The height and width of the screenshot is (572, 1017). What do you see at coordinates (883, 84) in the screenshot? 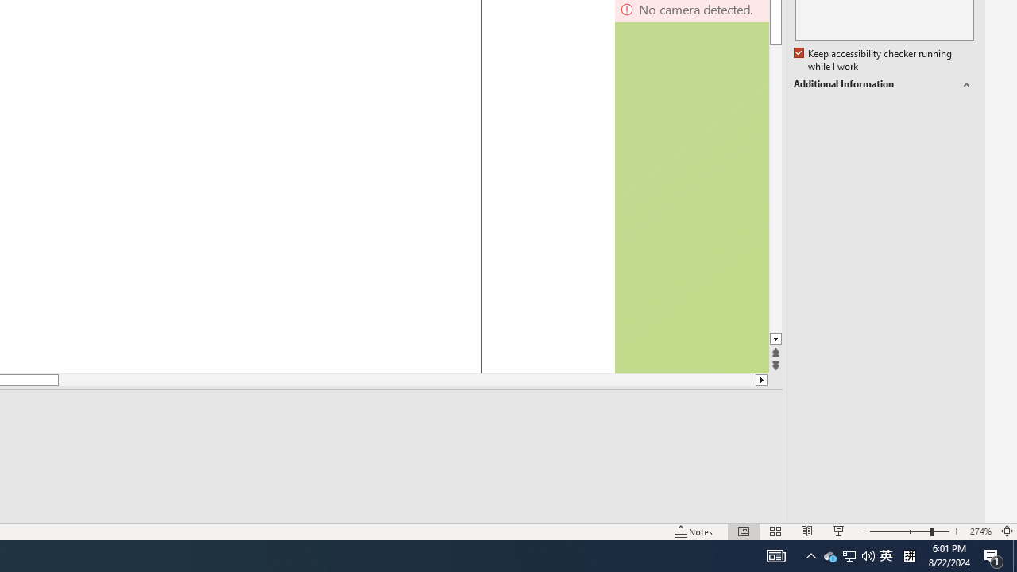
I see `'Additional Information'` at bounding box center [883, 84].